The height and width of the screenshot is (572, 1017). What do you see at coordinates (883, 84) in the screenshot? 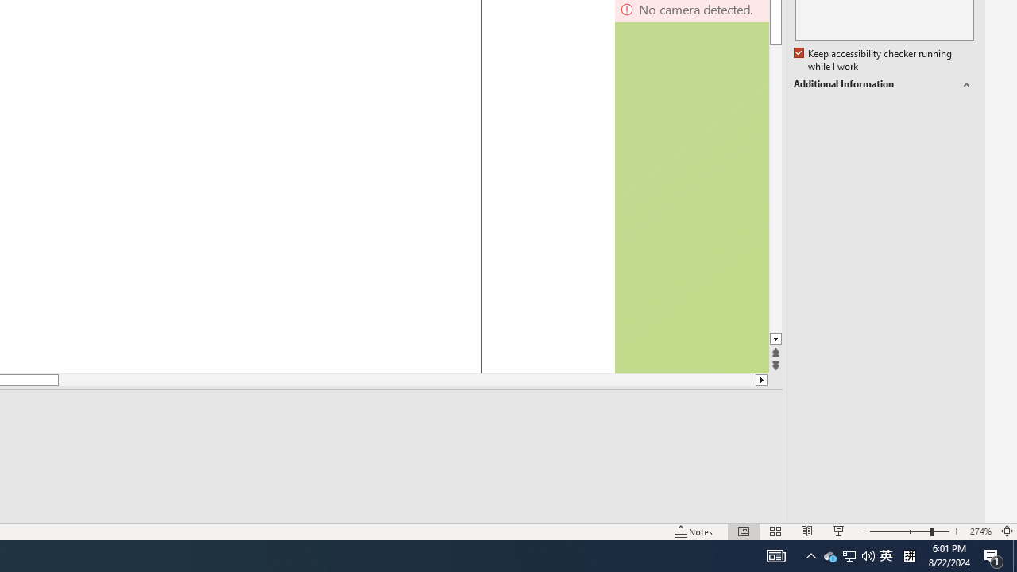
I see `'Additional Information'` at bounding box center [883, 84].